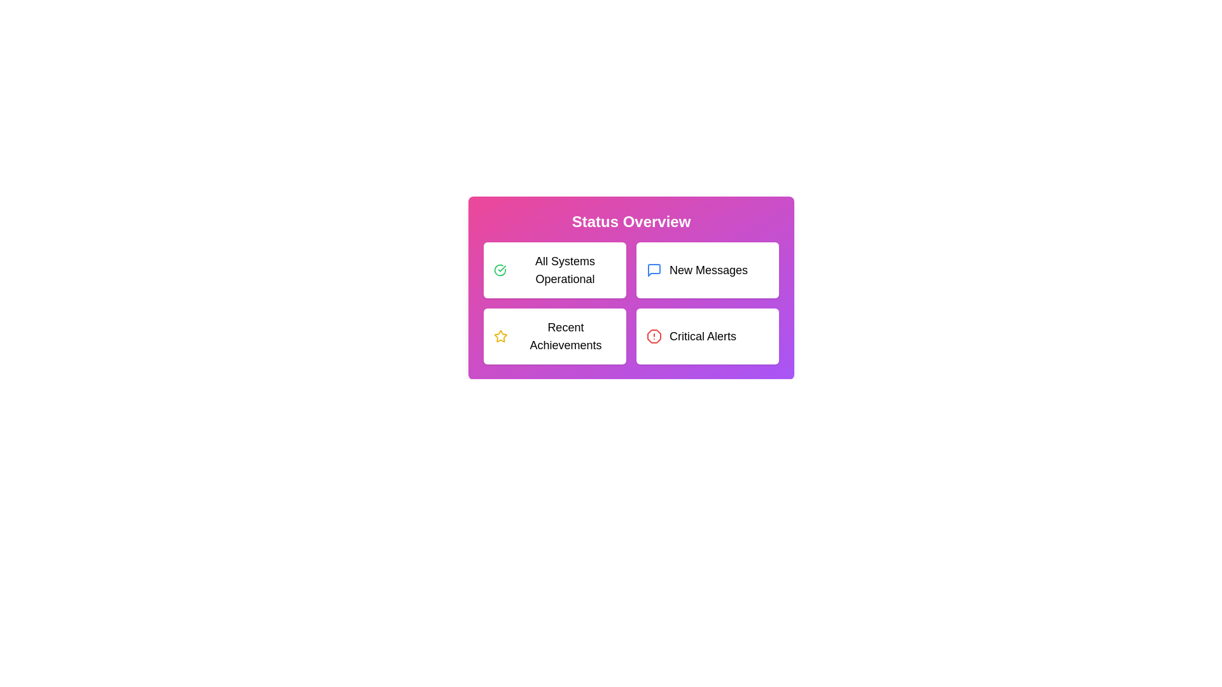  Describe the element at coordinates (654, 269) in the screenshot. I see `the blue chat bubble icon next to the text 'New Messages' within the 'New Messages' card` at that location.